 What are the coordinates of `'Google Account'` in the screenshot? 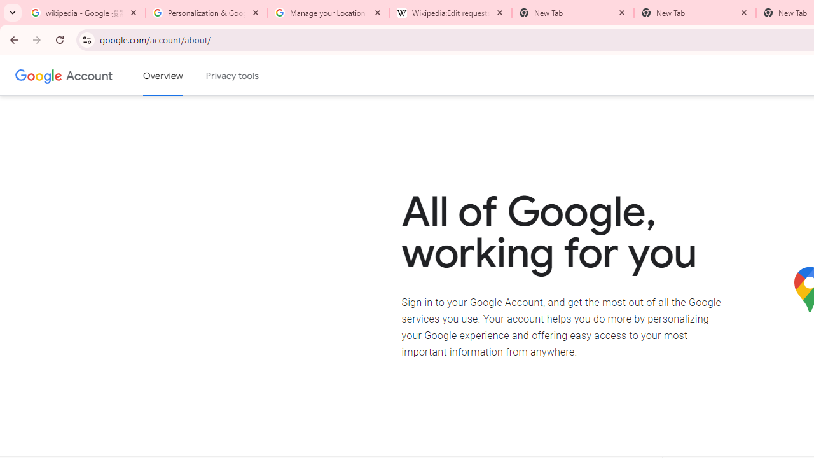 It's located at (88, 75).